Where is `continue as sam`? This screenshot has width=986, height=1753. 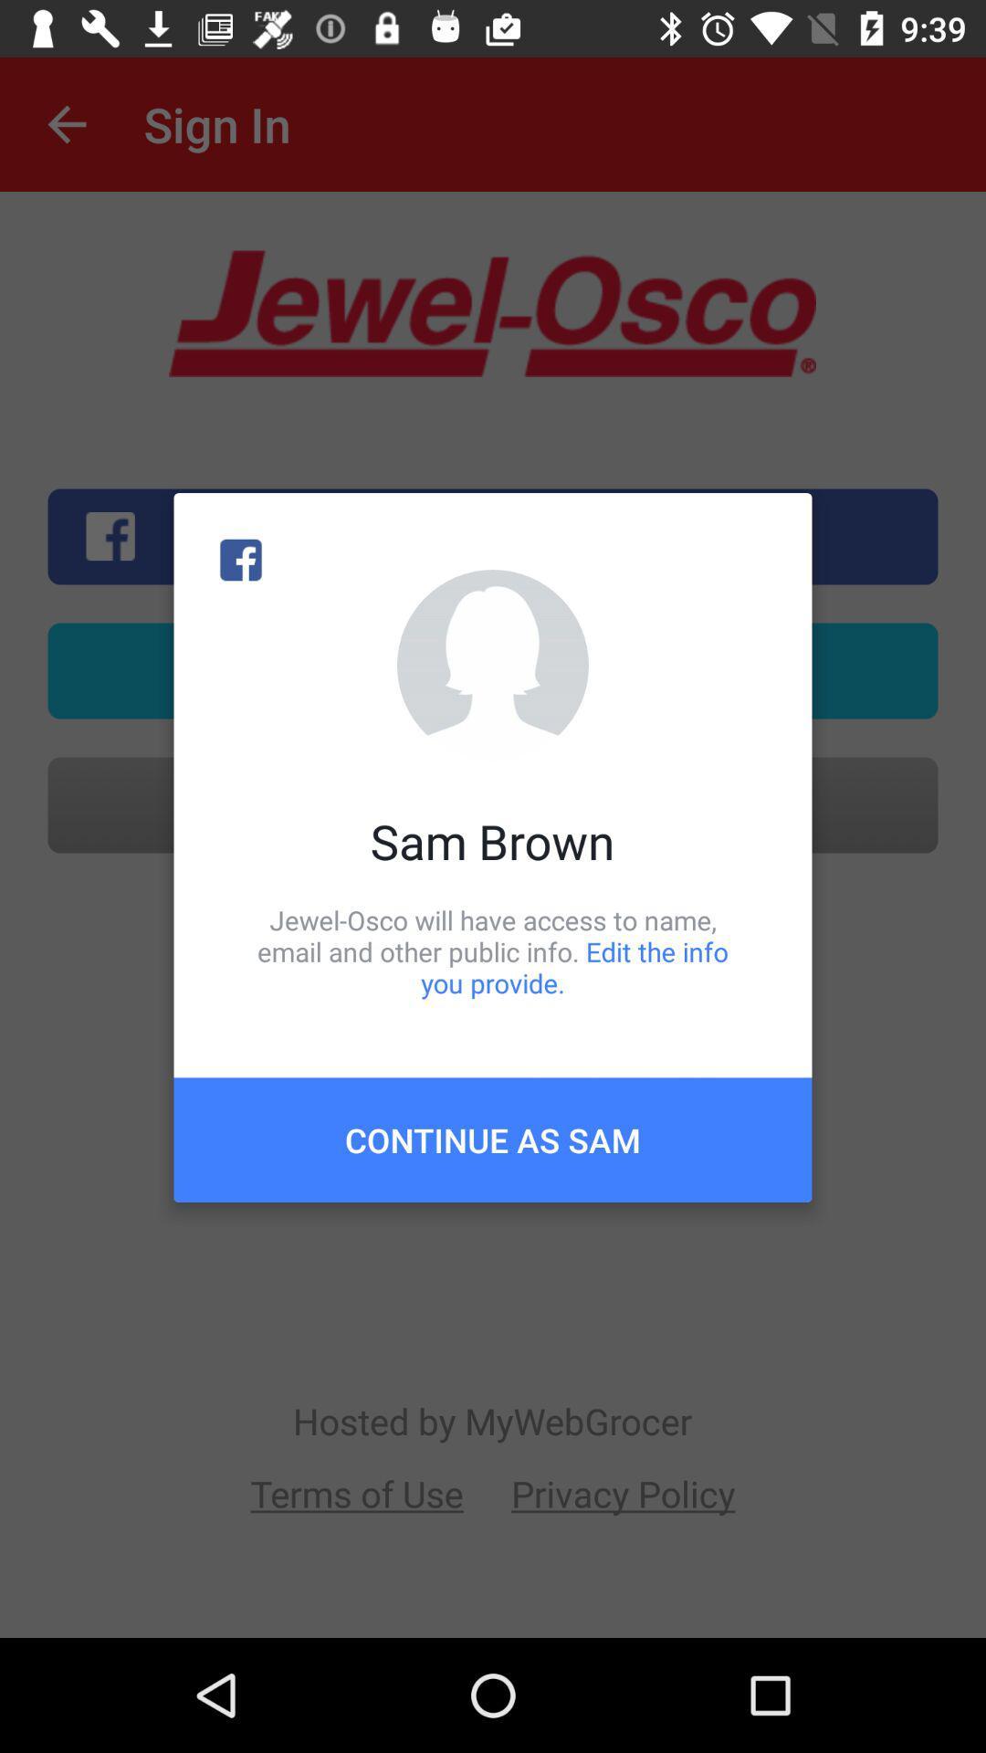 continue as sam is located at coordinates (493, 1139).